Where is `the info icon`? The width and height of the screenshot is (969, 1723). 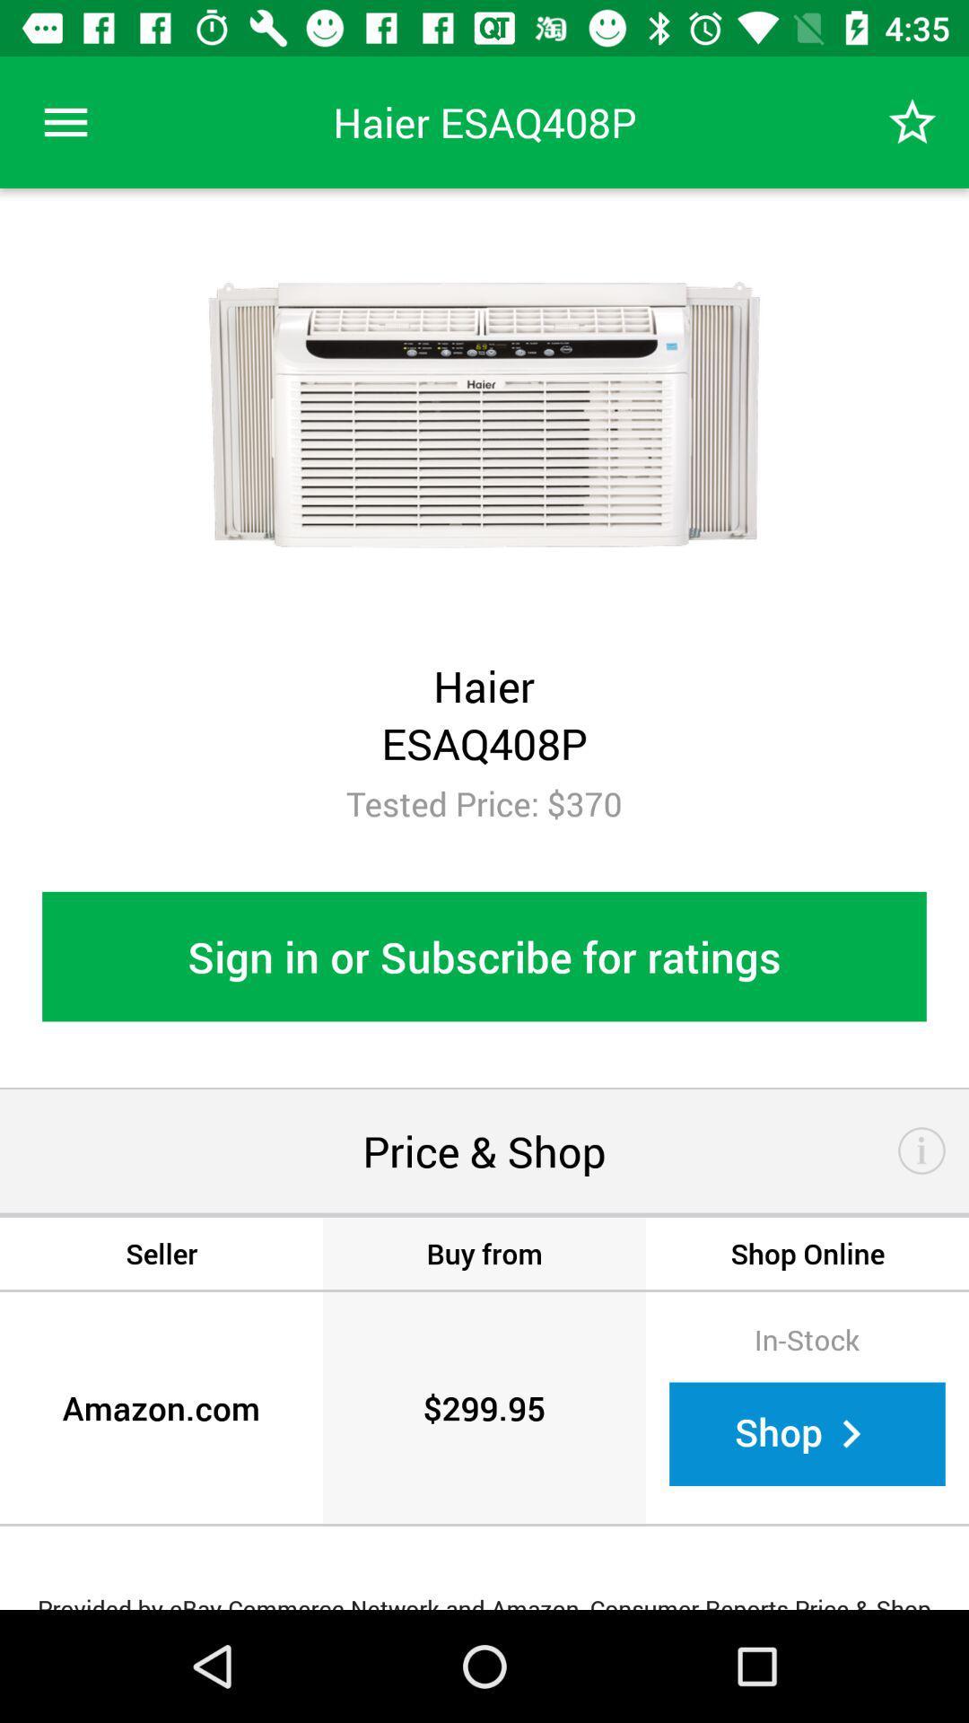 the info icon is located at coordinates (921, 1150).